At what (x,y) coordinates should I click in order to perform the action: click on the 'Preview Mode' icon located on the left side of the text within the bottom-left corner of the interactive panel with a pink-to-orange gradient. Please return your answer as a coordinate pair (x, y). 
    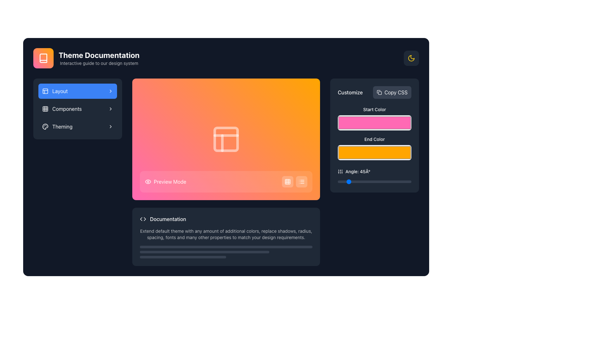
    Looking at the image, I should click on (147, 182).